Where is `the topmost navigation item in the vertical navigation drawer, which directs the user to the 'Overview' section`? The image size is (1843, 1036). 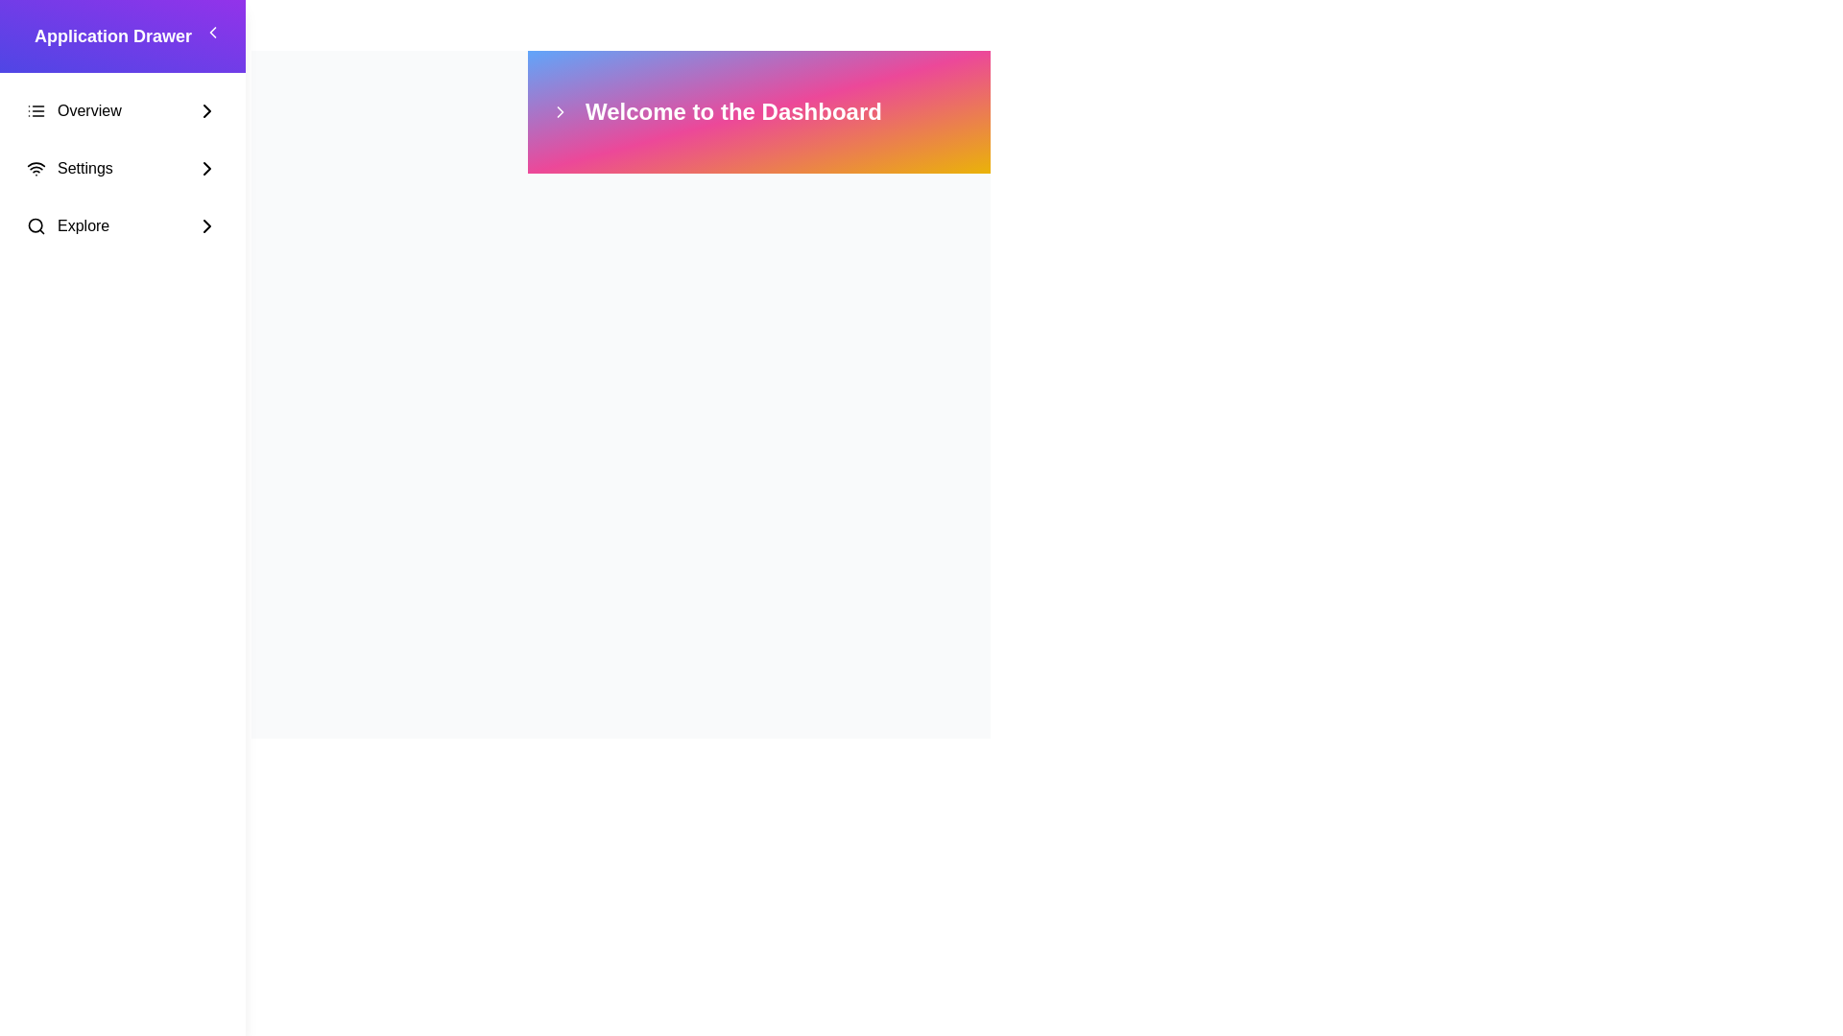 the topmost navigation item in the vertical navigation drawer, which directs the user to the 'Overview' section is located at coordinates (122, 110).